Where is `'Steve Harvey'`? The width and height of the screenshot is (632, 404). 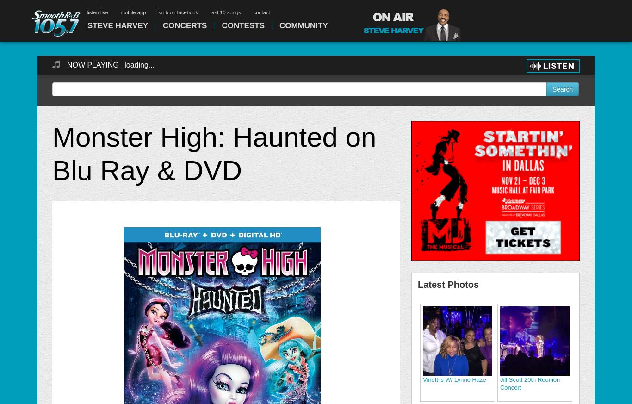
'Steve Harvey' is located at coordinates (118, 25).